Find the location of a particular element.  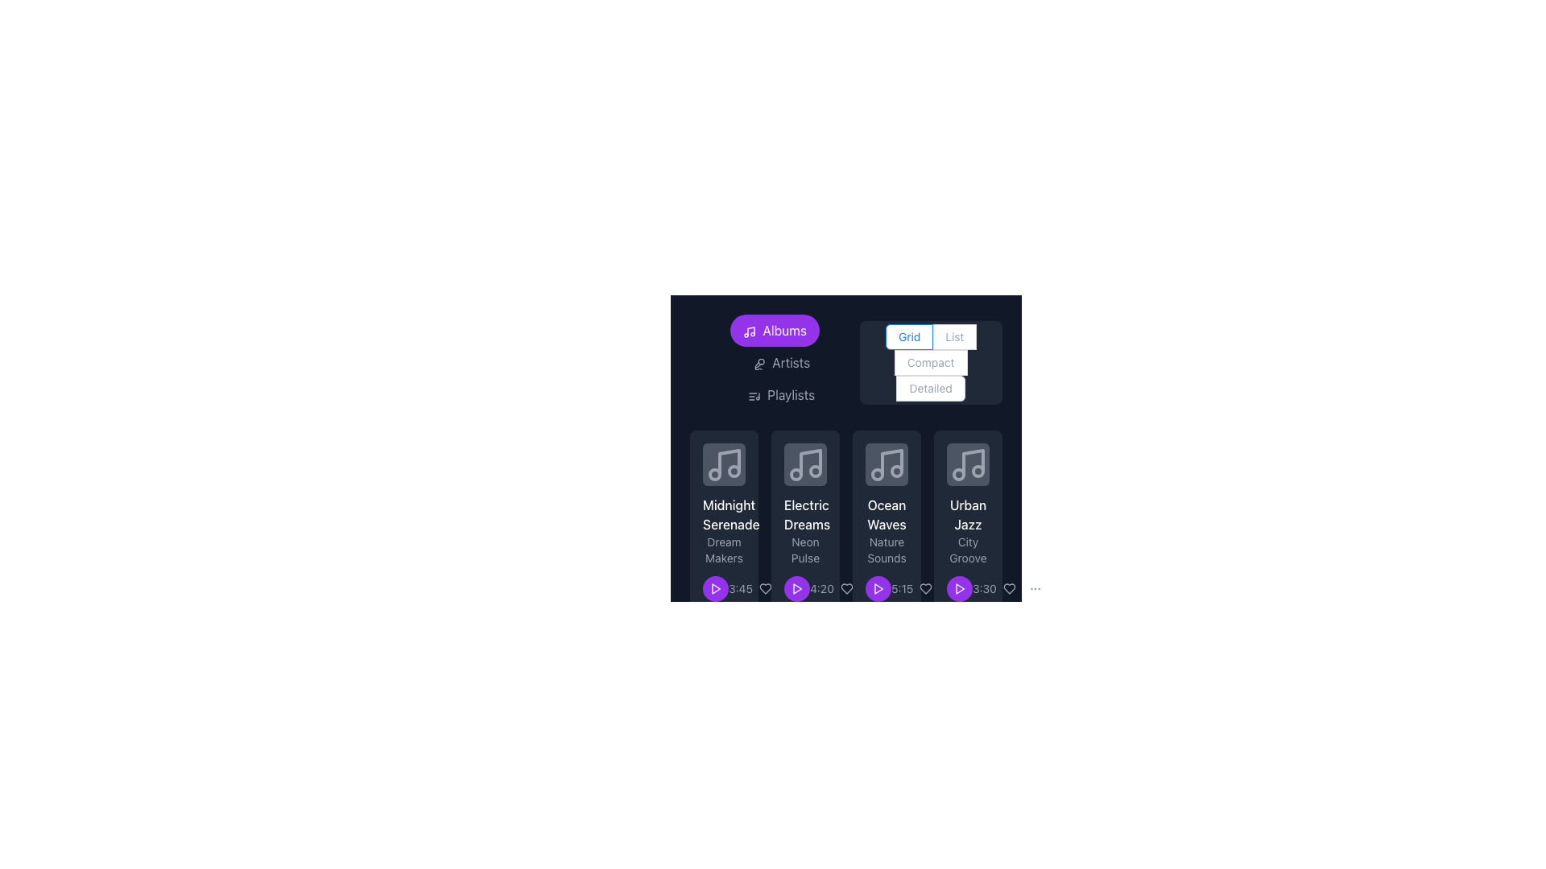

the heart-shaped icon button located below the item 'Urban Jazz' is located at coordinates (1008, 589).